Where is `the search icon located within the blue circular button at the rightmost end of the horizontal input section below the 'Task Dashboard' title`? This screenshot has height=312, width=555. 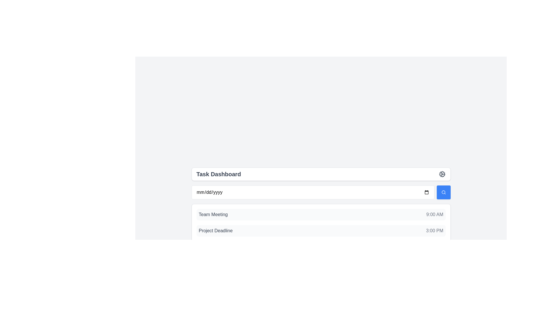 the search icon located within the blue circular button at the rightmost end of the horizontal input section below the 'Task Dashboard' title is located at coordinates (443, 192).